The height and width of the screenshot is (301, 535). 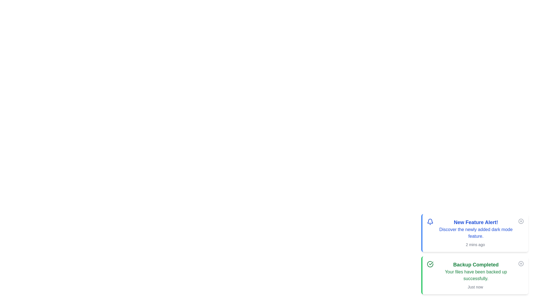 I want to click on close button on the alert with the title Backup Completed, so click(x=521, y=263).